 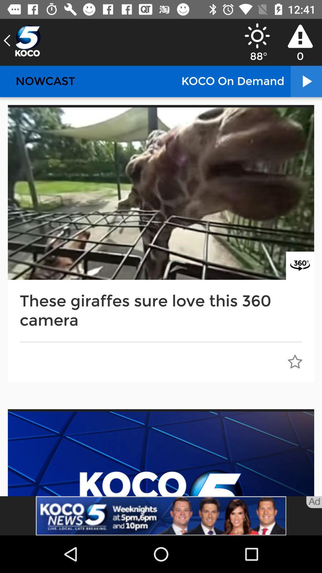 I want to click on the number 360, so click(x=300, y=265).